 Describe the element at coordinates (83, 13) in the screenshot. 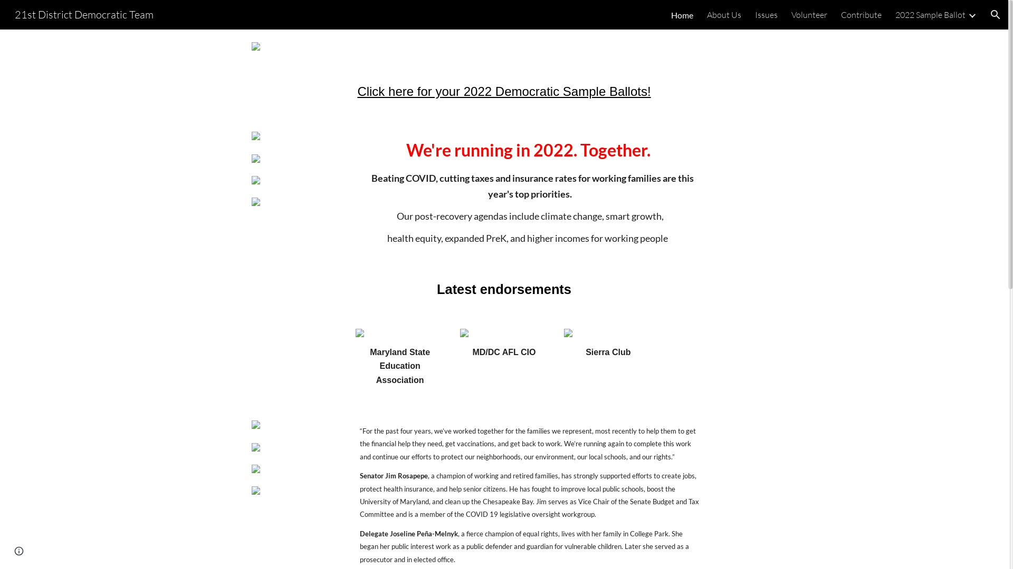

I see `'21st District Democratic Team'` at that location.